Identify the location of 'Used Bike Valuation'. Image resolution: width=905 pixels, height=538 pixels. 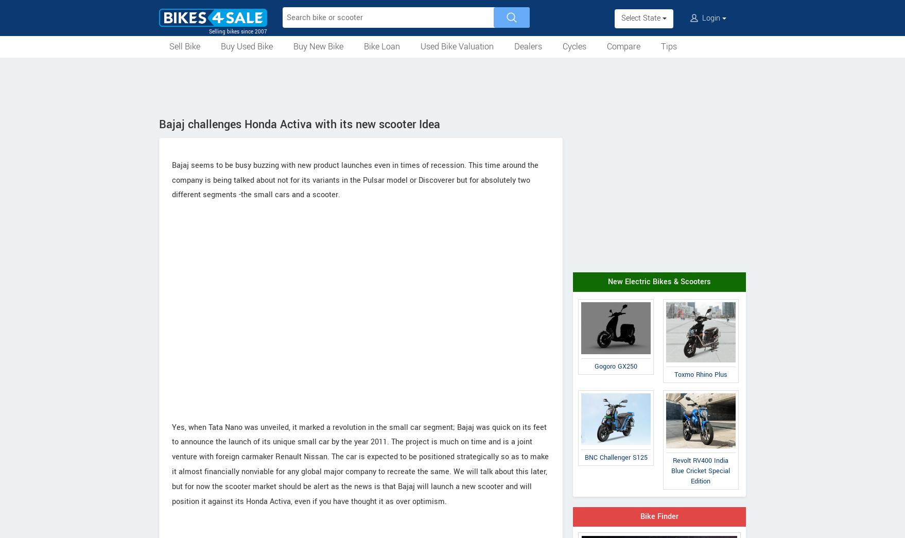
(457, 46).